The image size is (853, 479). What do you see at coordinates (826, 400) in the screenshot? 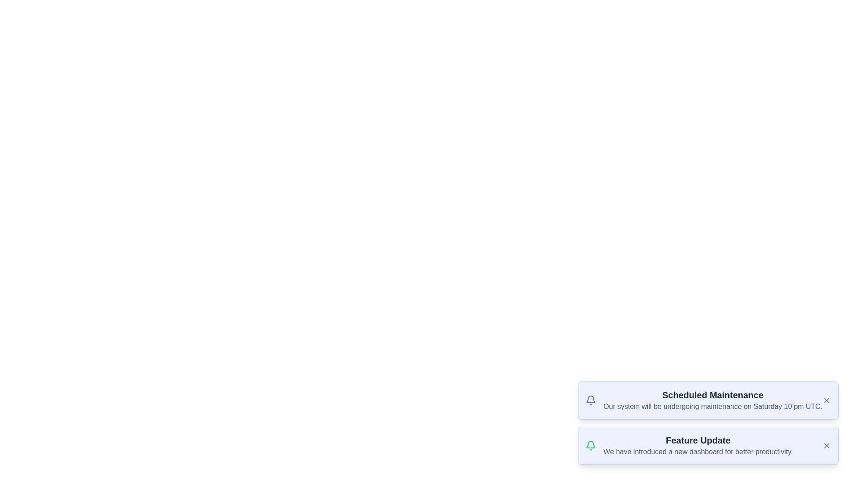
I see `the close button of the notification to observe the hover effect` at bounding box center [826, 400].